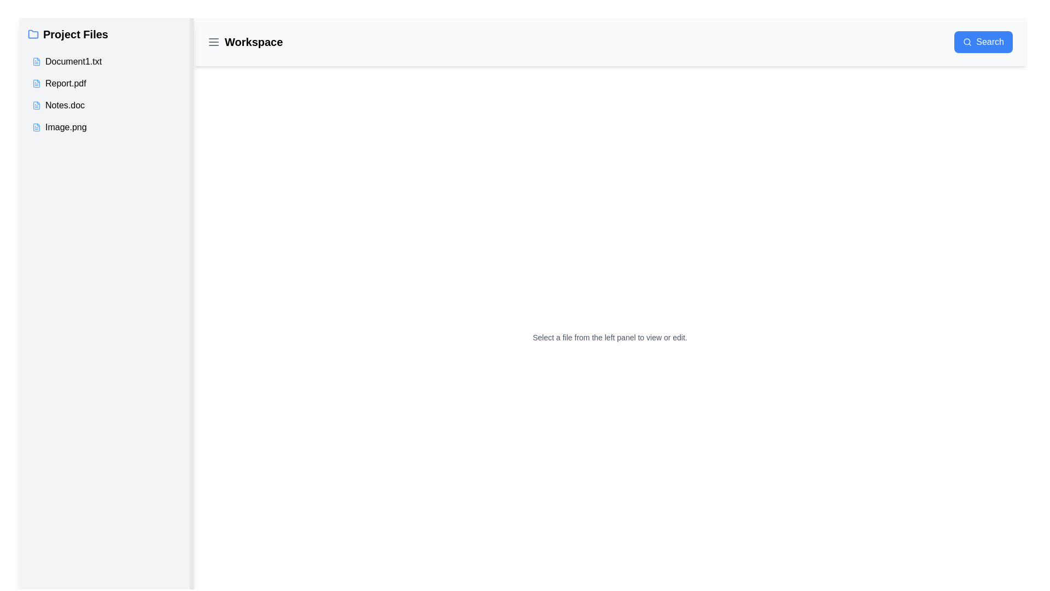 Image resolution: width=1050 pixels, height=591 pixels. I want to click on the icon button located at the top-left of the application interface, immediately left of the text label 'Workspace', so click(213, 42).